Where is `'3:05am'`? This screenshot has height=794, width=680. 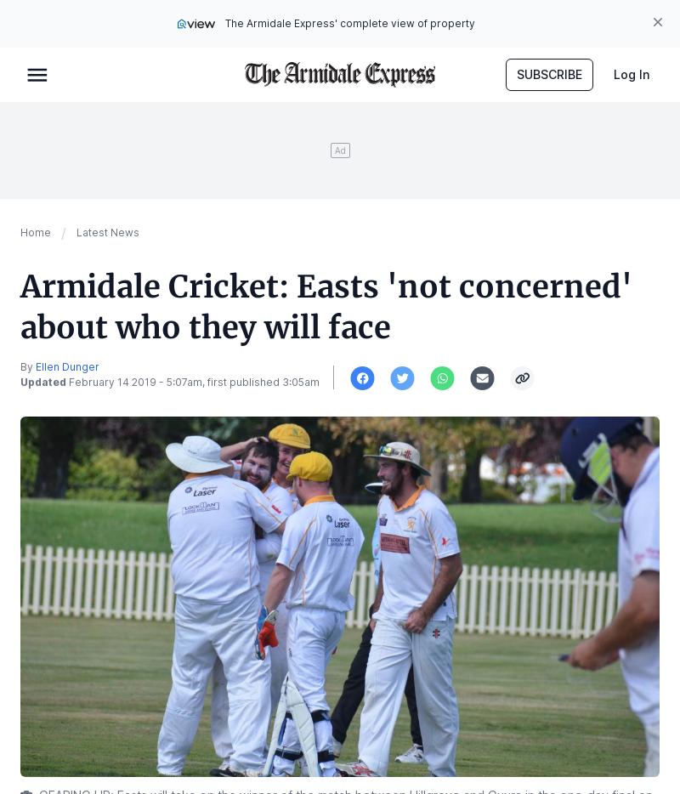
'3:05am' is located at coordinates (301, 382).